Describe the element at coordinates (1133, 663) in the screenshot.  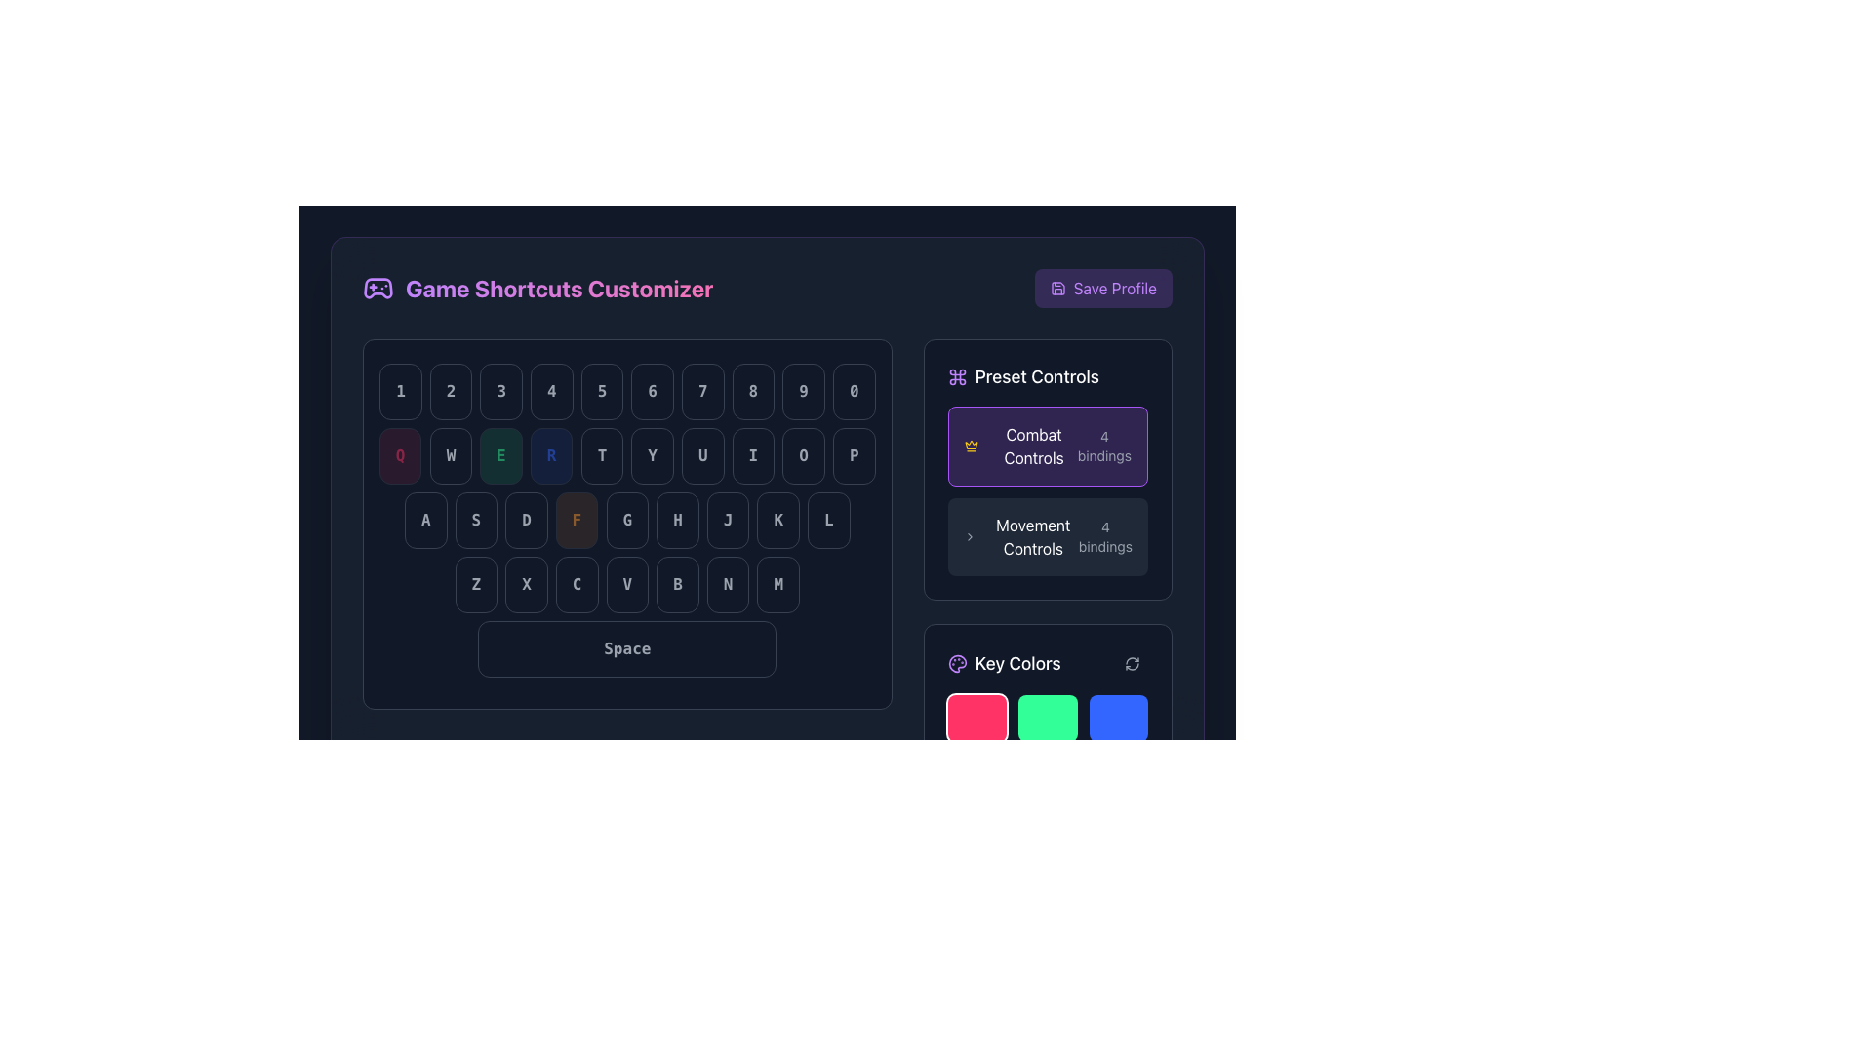
I see `the refresh icon button in the bottom-right corner of the 'Key Colors' panel` at that location.